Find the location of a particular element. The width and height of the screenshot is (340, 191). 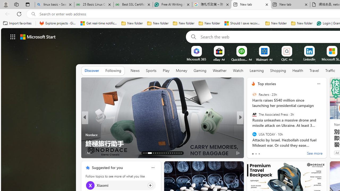

'AutomationID: tab-17' is located at coordinates (155, 153).